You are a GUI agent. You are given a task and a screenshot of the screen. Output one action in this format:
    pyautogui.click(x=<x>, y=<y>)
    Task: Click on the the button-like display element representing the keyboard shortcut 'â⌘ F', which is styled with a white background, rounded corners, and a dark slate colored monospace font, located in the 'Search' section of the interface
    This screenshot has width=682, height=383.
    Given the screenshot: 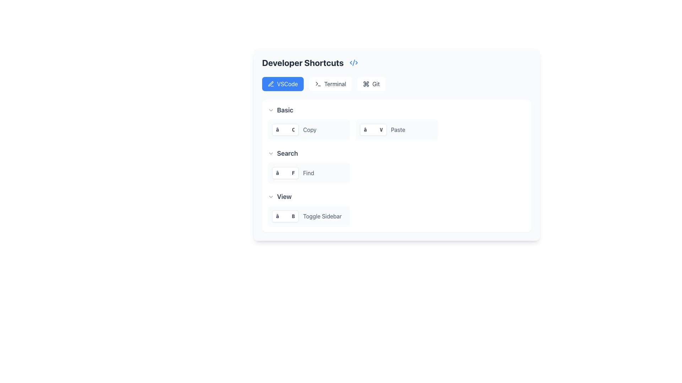 What is the action you would take?
    pyautogui.click(x=285, y=173)
    